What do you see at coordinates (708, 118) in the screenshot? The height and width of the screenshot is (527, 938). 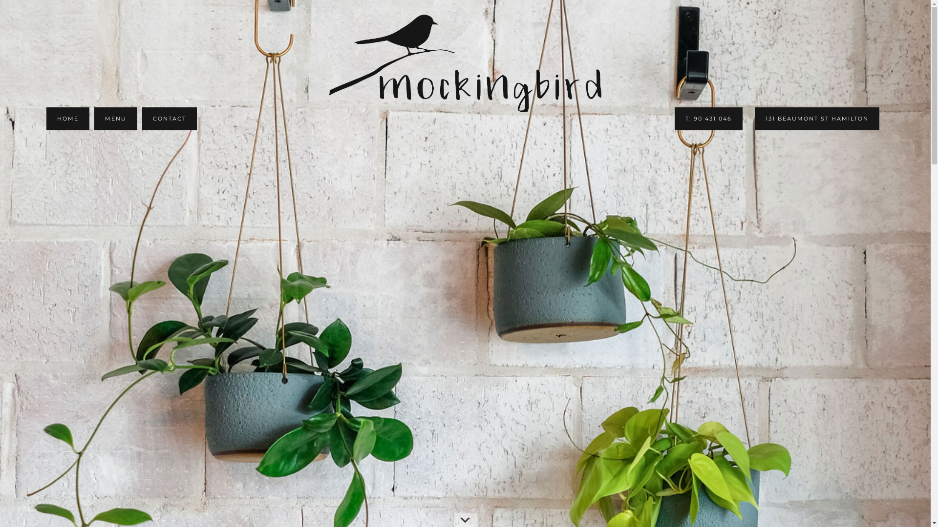 I see `'T: 90 431 046'` at bounding box center [708, 118].